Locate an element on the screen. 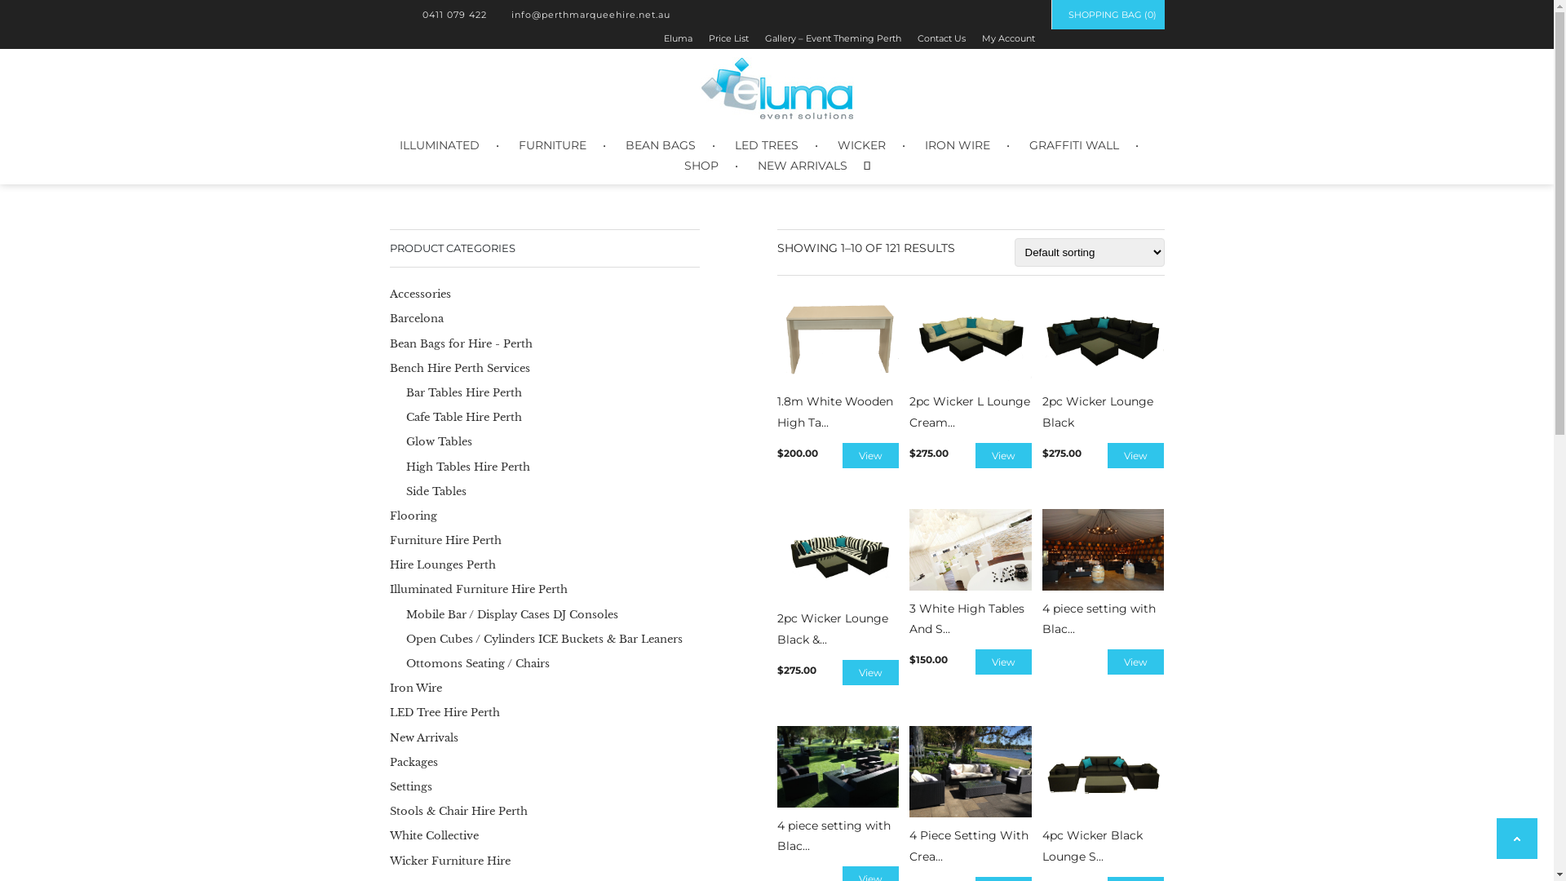 The width and height of the screenshot is (1566, 881). 'ILLUMINATED' is located at coordinates (439, 144).